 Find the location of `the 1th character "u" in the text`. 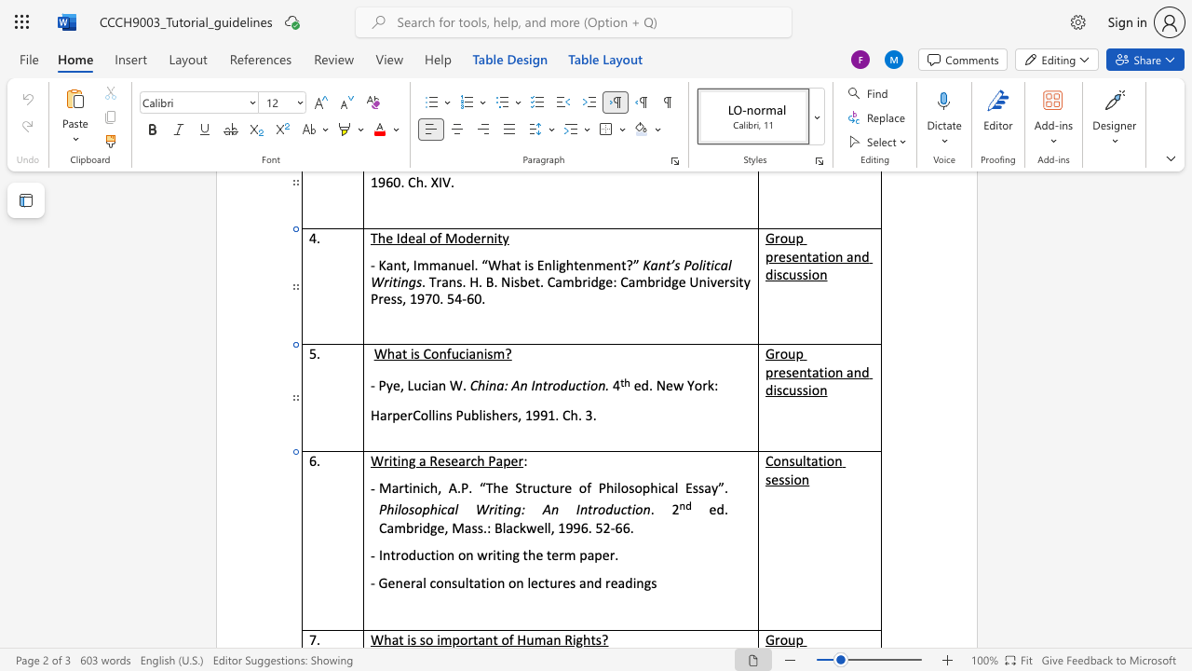

the 1th character "u" in the text is located at coordinates (454, 353).